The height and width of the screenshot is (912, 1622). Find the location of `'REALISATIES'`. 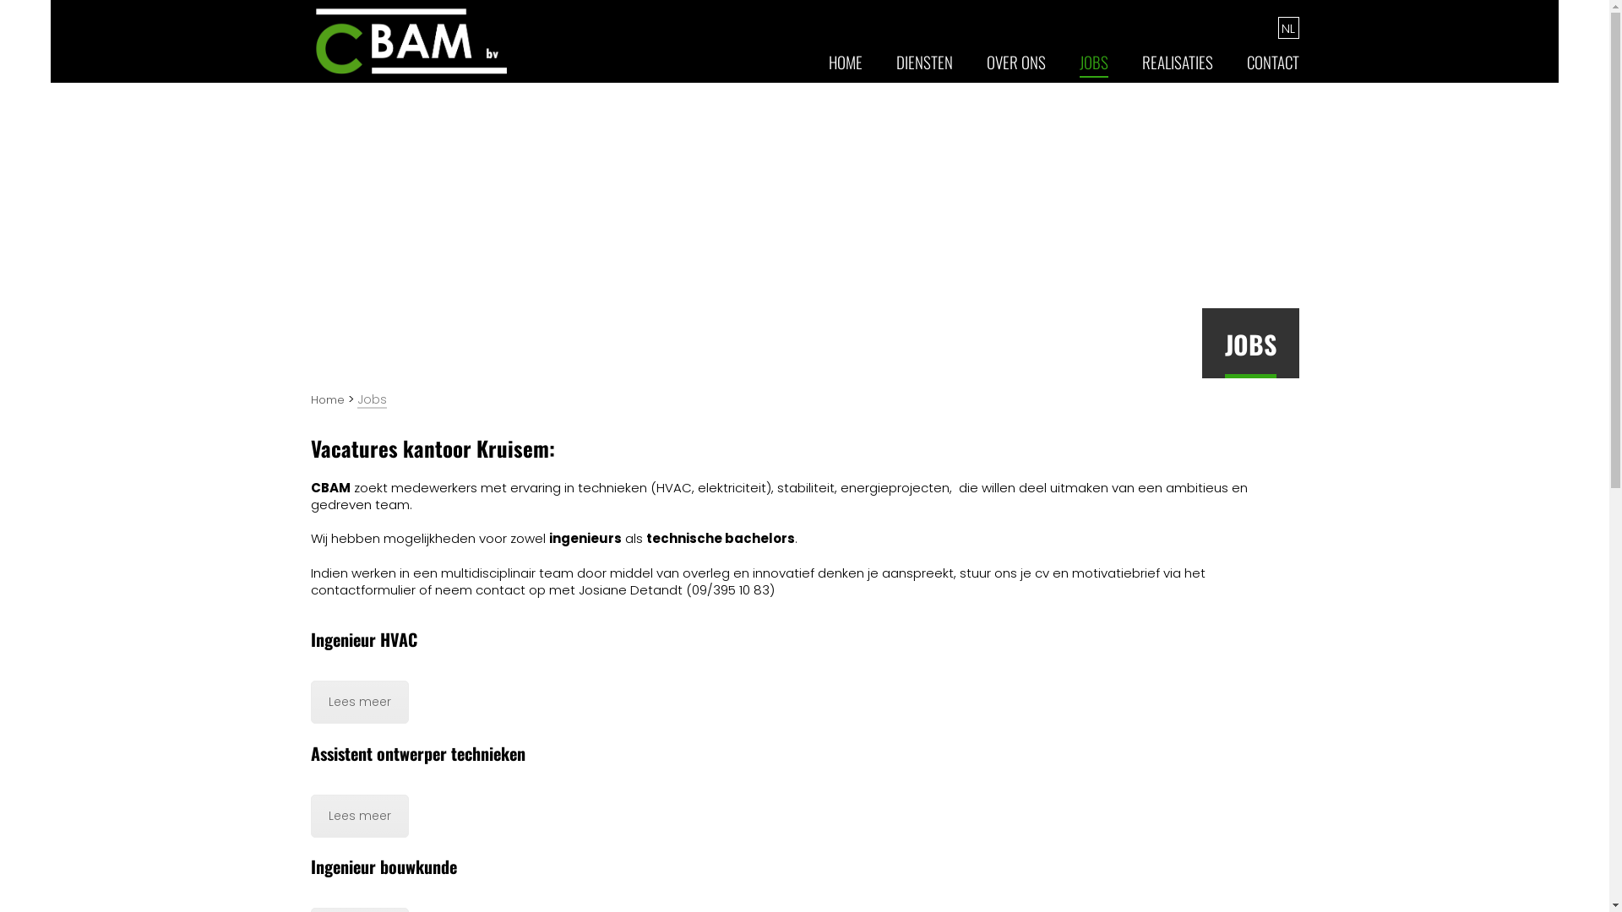

'REALISATIES' is located at coordinates (1176, 68).